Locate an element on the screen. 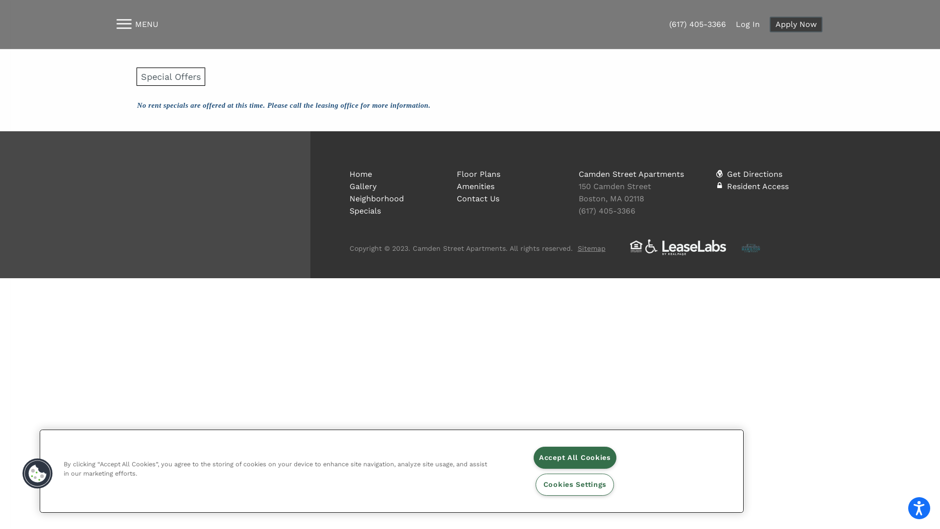 The image size is (940, 529). 'Floor Plans' is located at coordinates (478, 173).